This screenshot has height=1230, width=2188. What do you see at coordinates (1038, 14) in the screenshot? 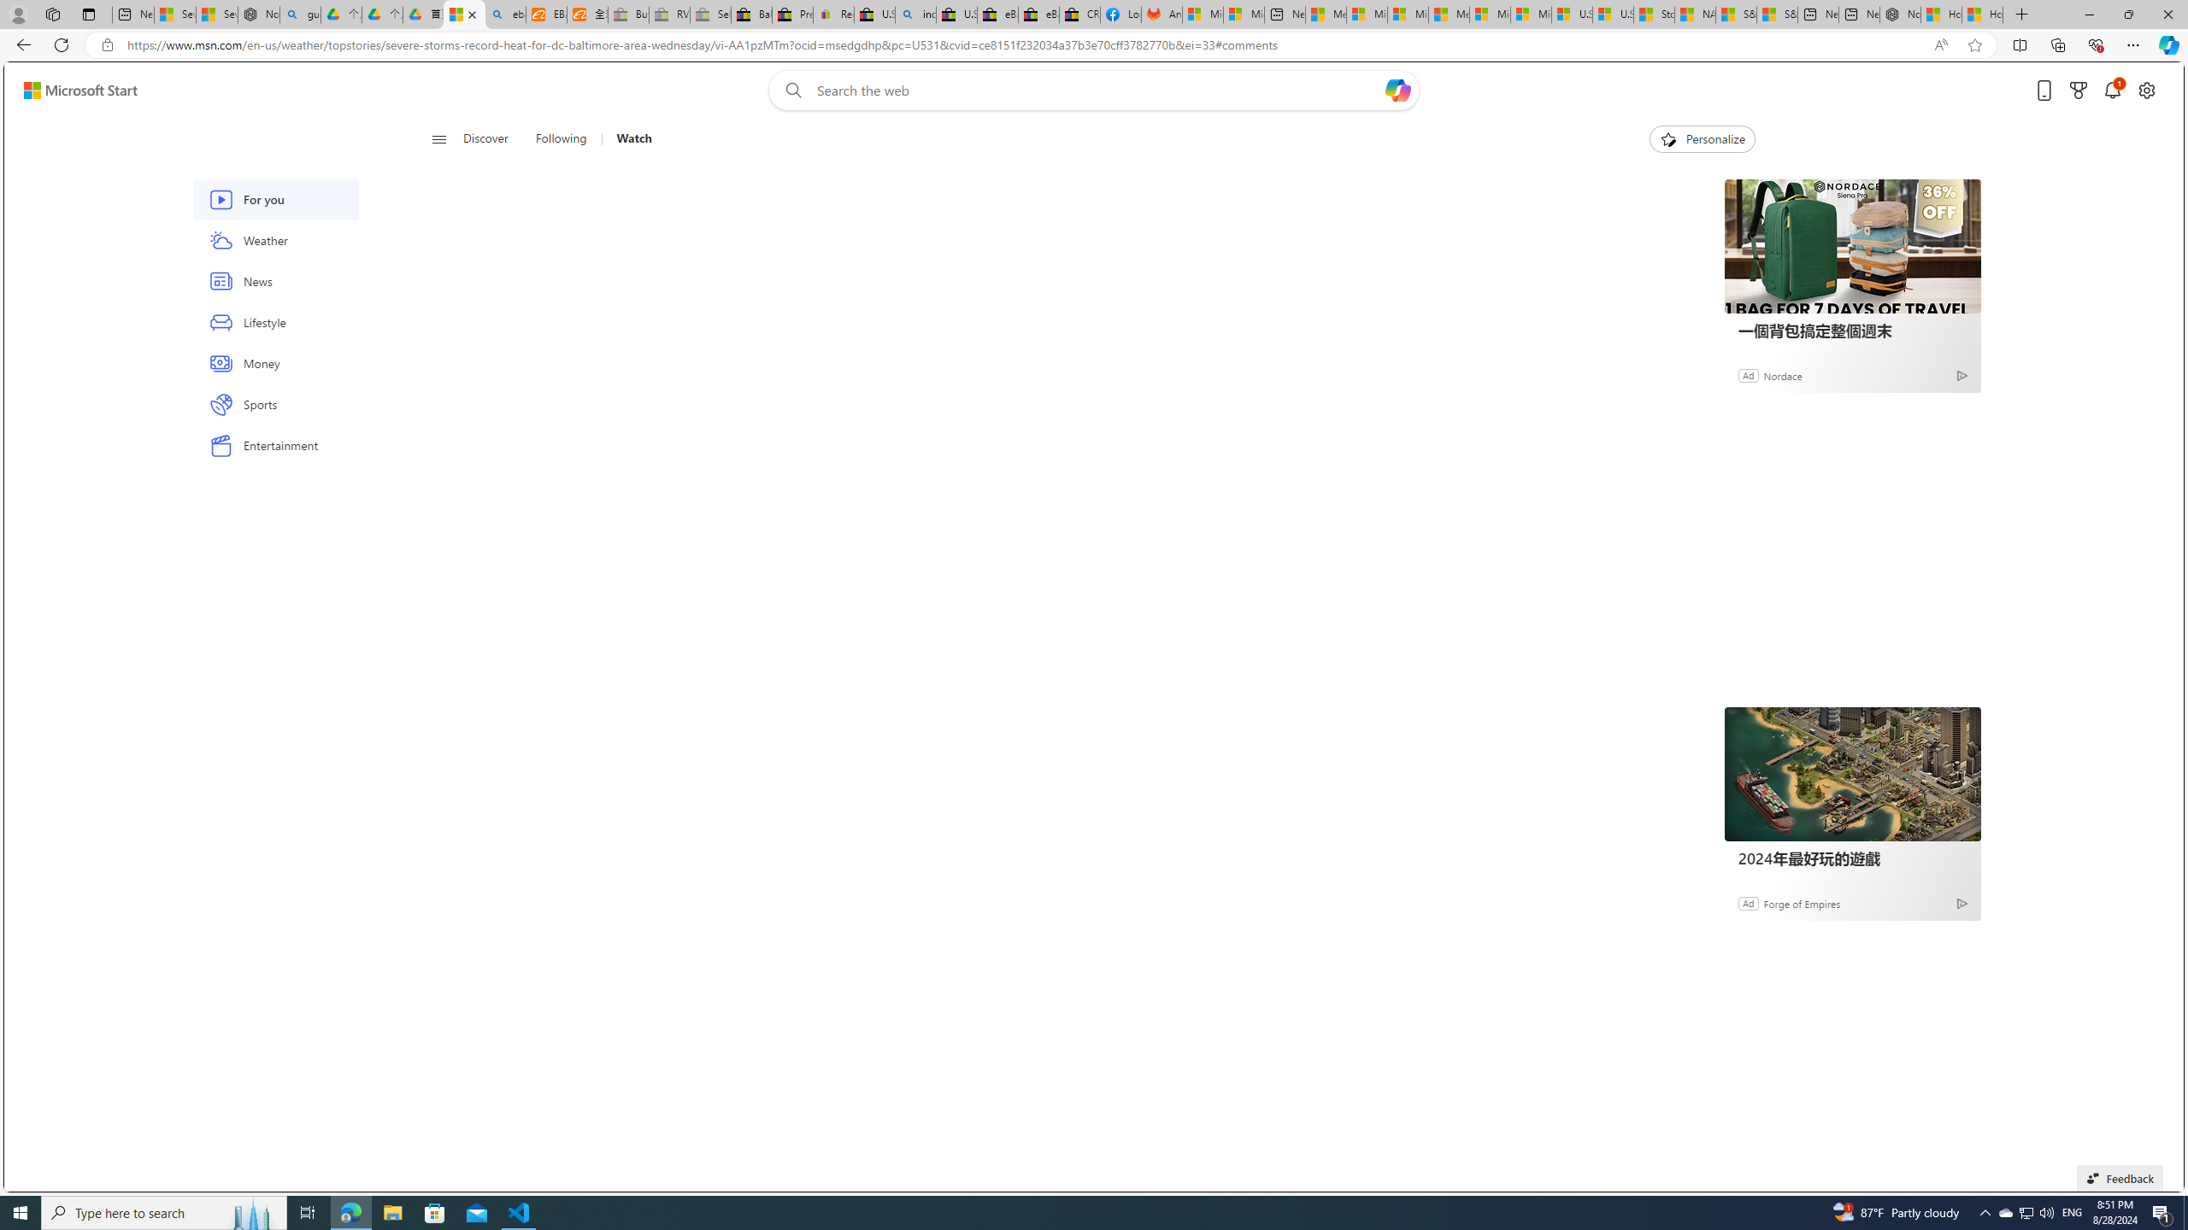
I see `'eBay Inc. Reports Third Quarter 2023 Results'` at bounding box center [1038, 14].